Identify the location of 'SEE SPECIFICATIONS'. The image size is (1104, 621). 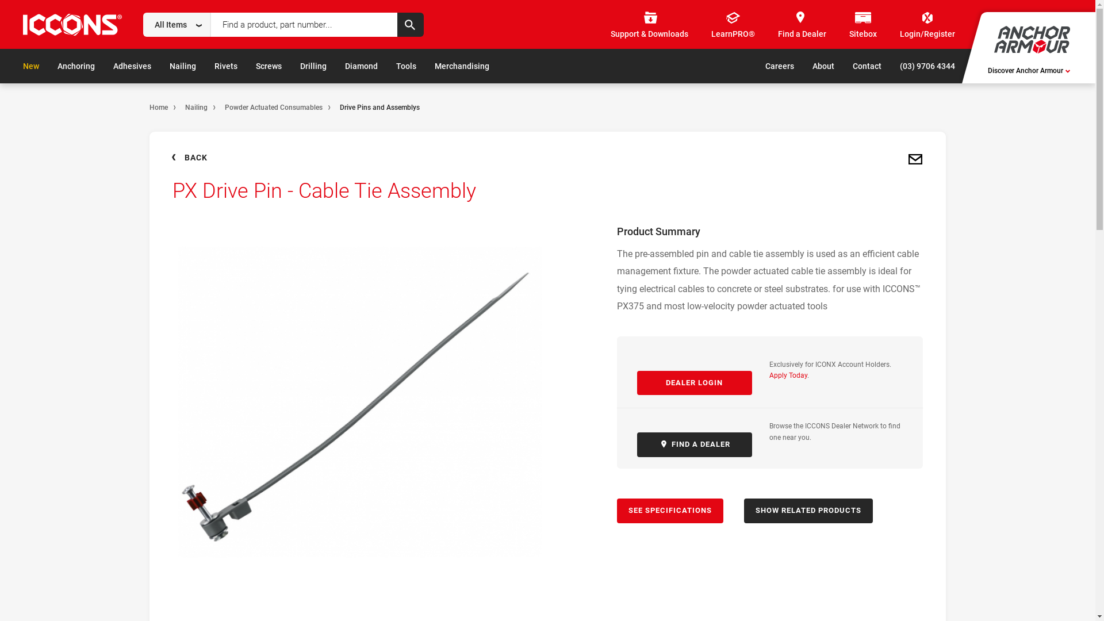
(669, 510).